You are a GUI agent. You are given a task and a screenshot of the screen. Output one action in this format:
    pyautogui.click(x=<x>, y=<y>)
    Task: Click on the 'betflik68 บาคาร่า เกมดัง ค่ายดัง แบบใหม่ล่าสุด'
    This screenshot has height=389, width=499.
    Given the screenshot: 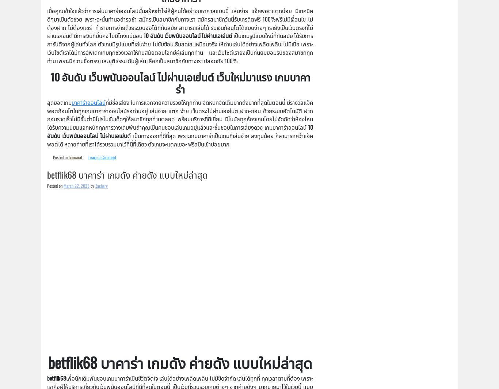 What is the action you would take?
    pyautogui.click(x=127, y=174)
    